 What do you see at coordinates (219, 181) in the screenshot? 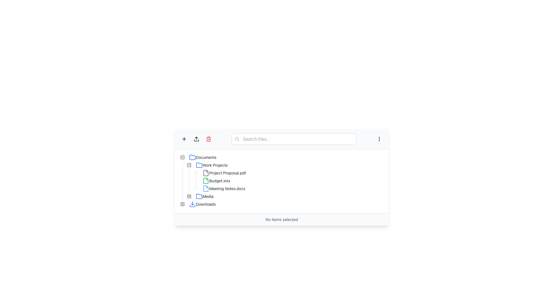
I see `the text label displaying 'Budget.xlsx' in the interactive tree view` at bounding box center [219, 181].